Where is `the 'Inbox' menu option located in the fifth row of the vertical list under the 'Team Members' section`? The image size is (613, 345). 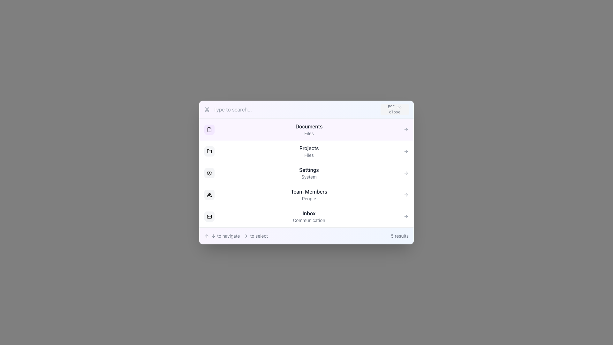 the 'Inbox' menu option located in the fifth row of the vertical list under the 'Team Members' section is located at coordinates (309, 216).